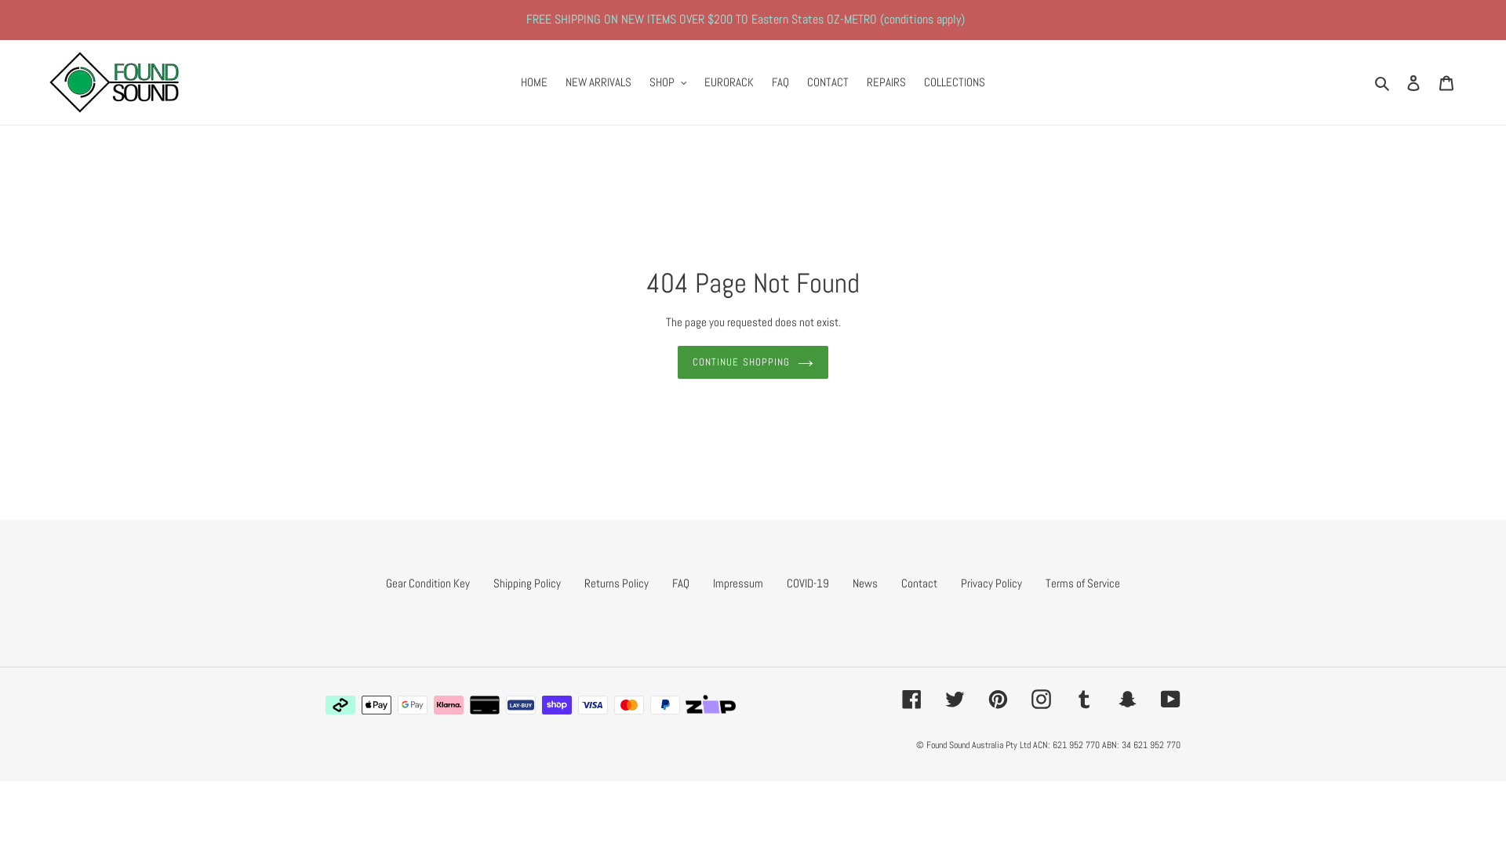  Describe the element at coordinates (911, 698) in the screenshot. I see `'Facebook'` at that location.